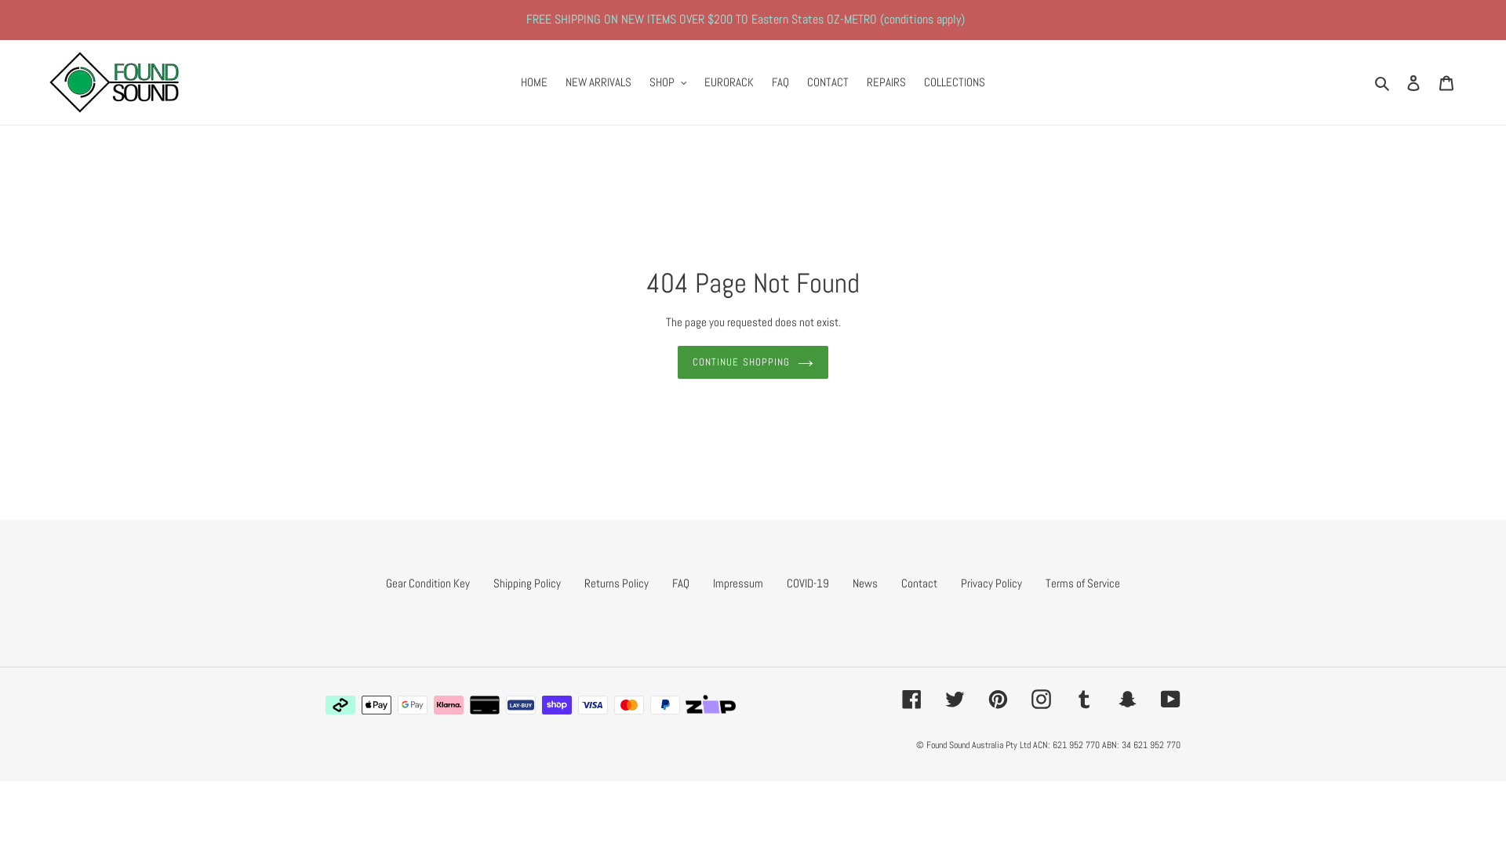  Describe the element at coordinates (911, 698) in the screenshot. I see `'Facebook'` at that location.